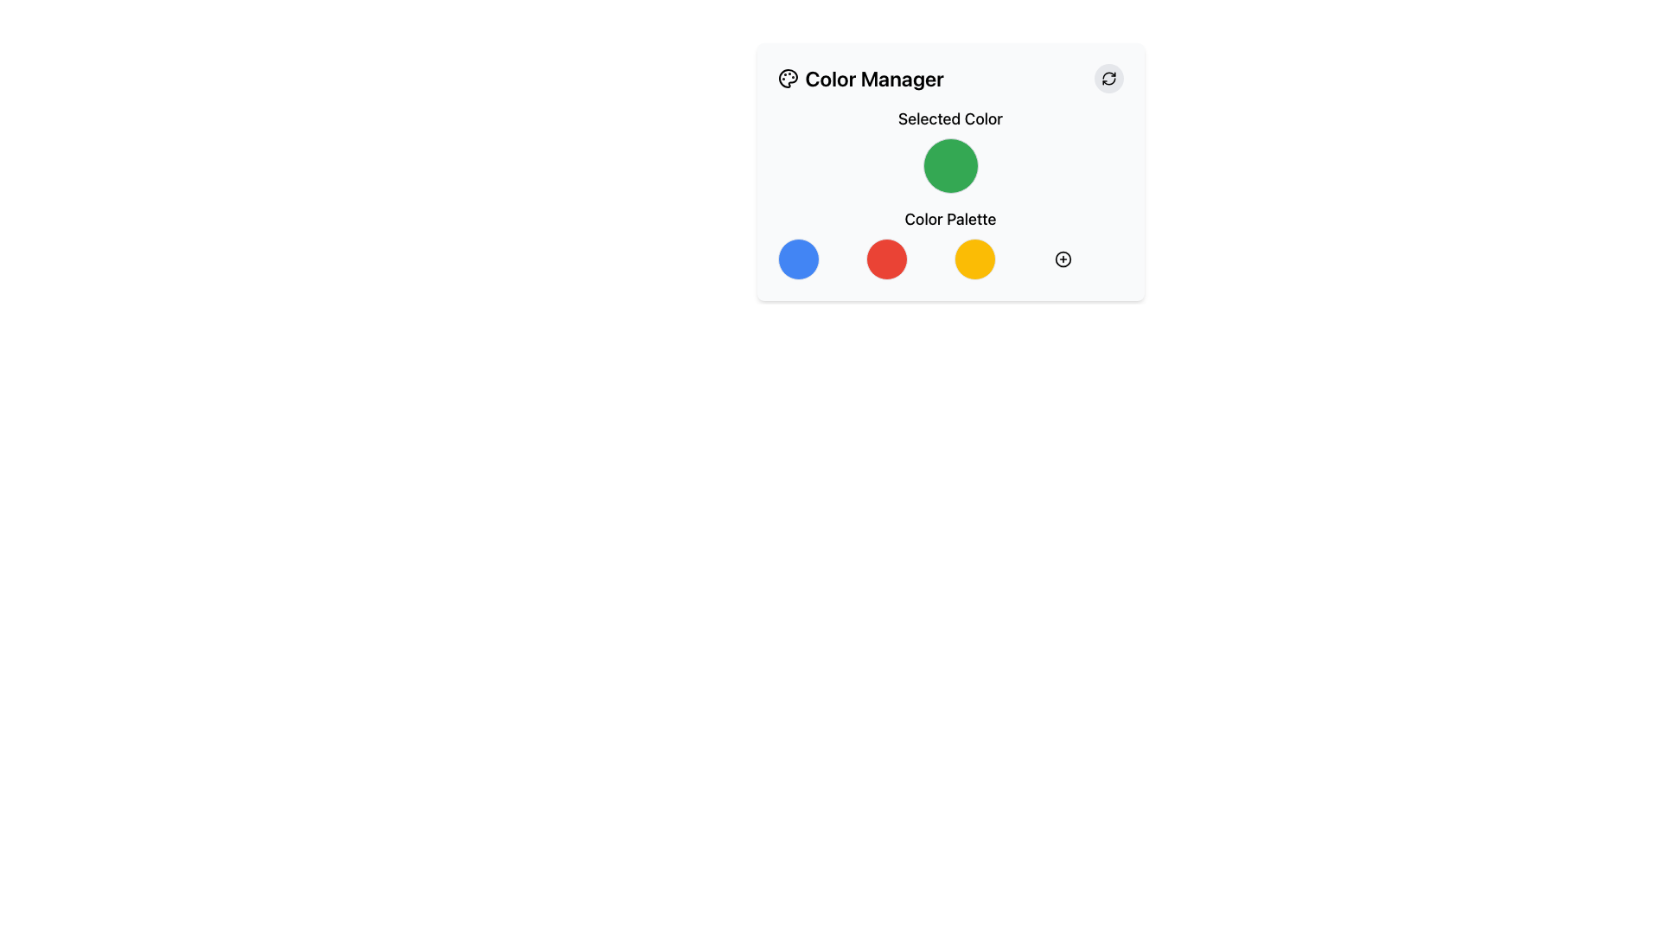 The width and height of the screenshot is (1660, 934). Describe the element at coordinates (1062, 259) in the screenshot. I see `the interactive icon related to the 'Color Manager' located at the bottom-right corner of the 'Color Manager' section` at that location.